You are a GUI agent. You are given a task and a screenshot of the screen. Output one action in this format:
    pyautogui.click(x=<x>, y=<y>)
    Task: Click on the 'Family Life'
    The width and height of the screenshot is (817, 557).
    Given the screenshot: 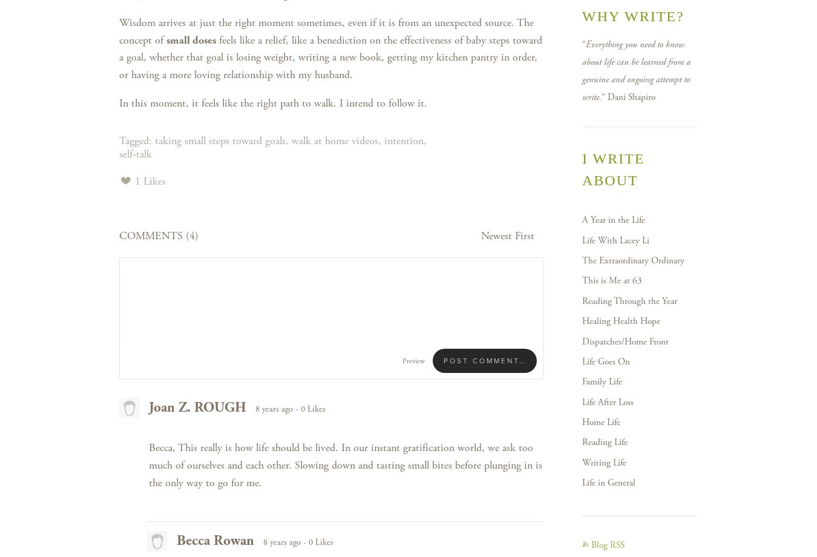 What is the action you would take?
    pyautogui.click(x=601, y=381)
    